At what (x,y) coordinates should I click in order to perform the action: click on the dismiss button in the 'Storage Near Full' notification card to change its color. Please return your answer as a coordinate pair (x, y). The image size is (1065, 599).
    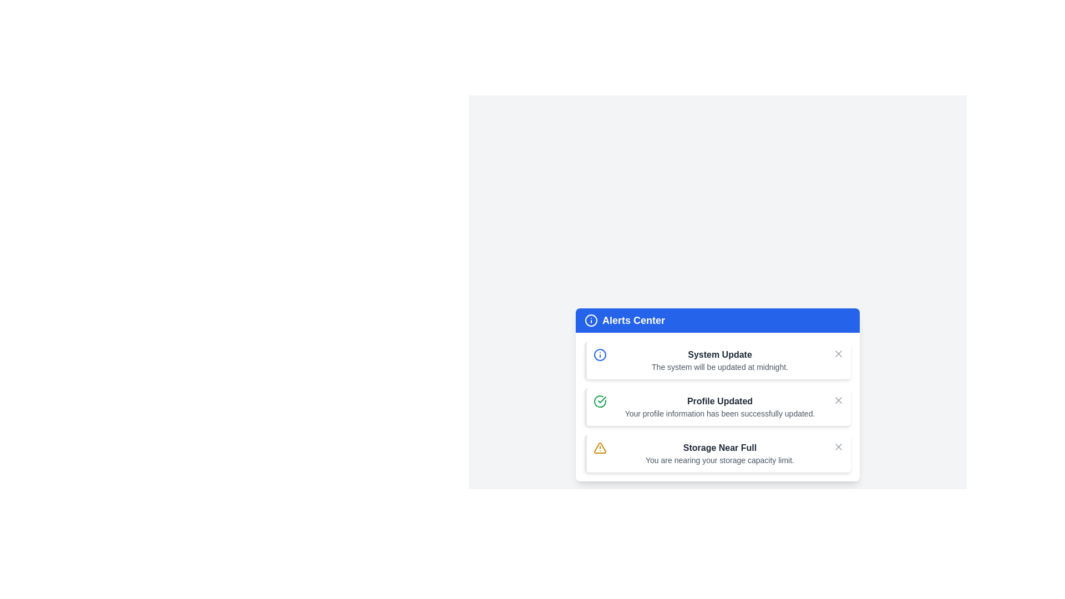
    Looking at the image, I should click on (839, 446).